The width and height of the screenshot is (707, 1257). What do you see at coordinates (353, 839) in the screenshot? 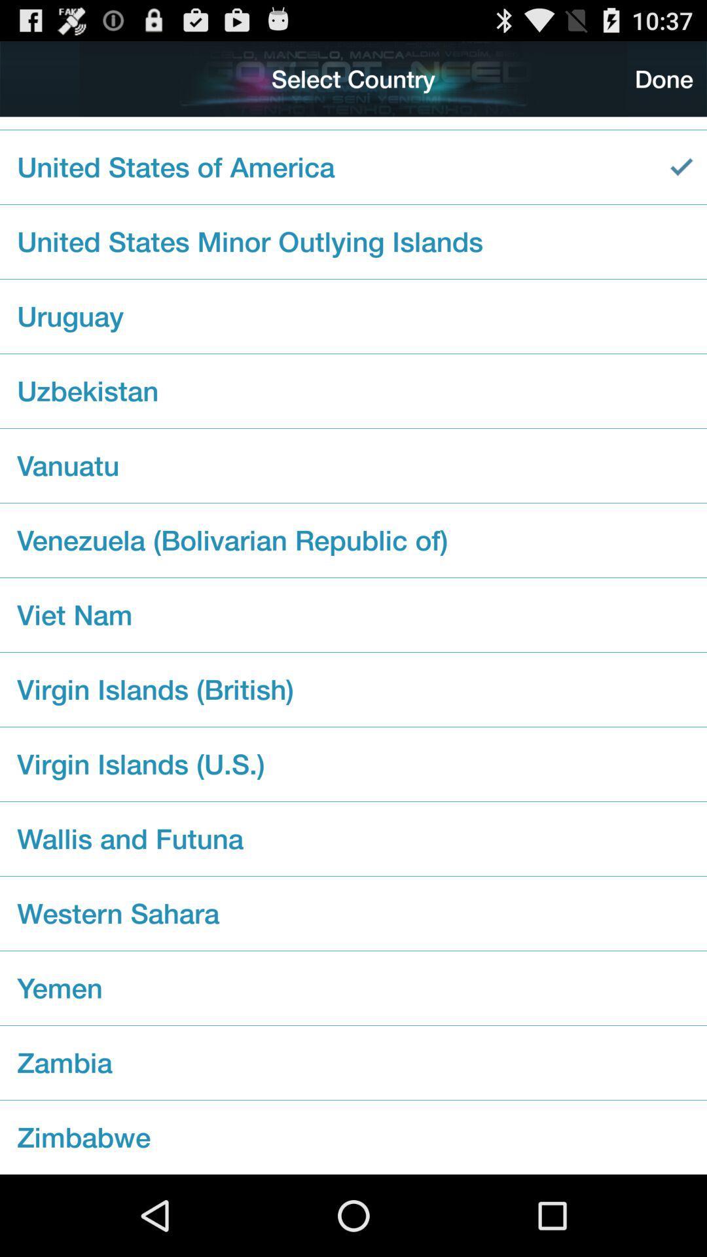
I see `the wallis and futuna checkbox` at bounding box center [353, 839].